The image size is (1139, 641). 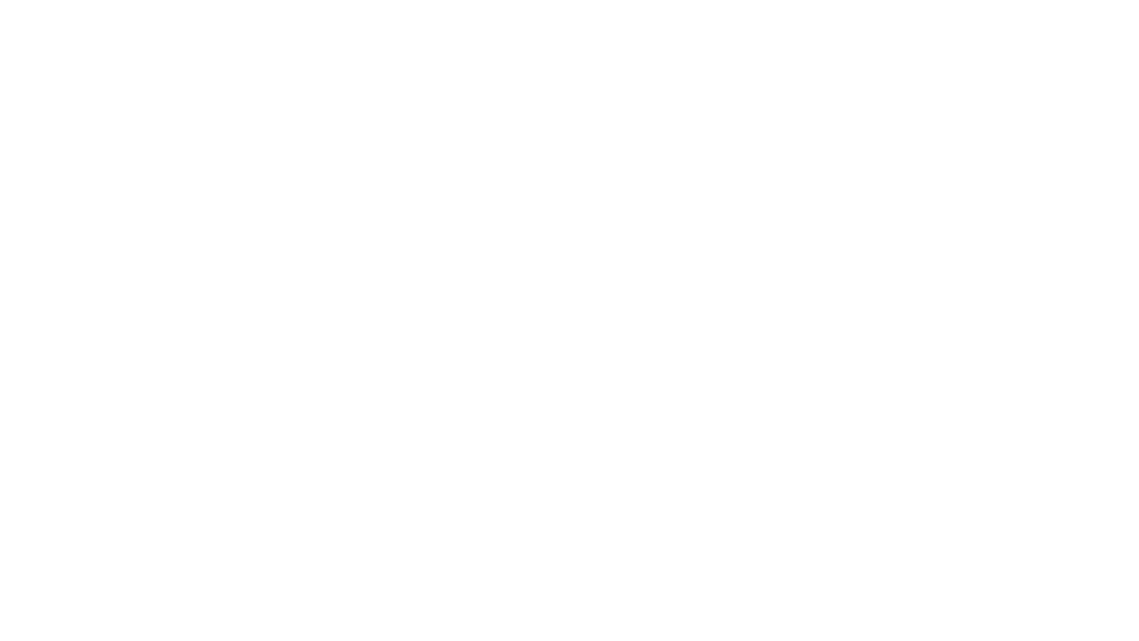 I want to click on ADDED, so click(x=900, y=214).